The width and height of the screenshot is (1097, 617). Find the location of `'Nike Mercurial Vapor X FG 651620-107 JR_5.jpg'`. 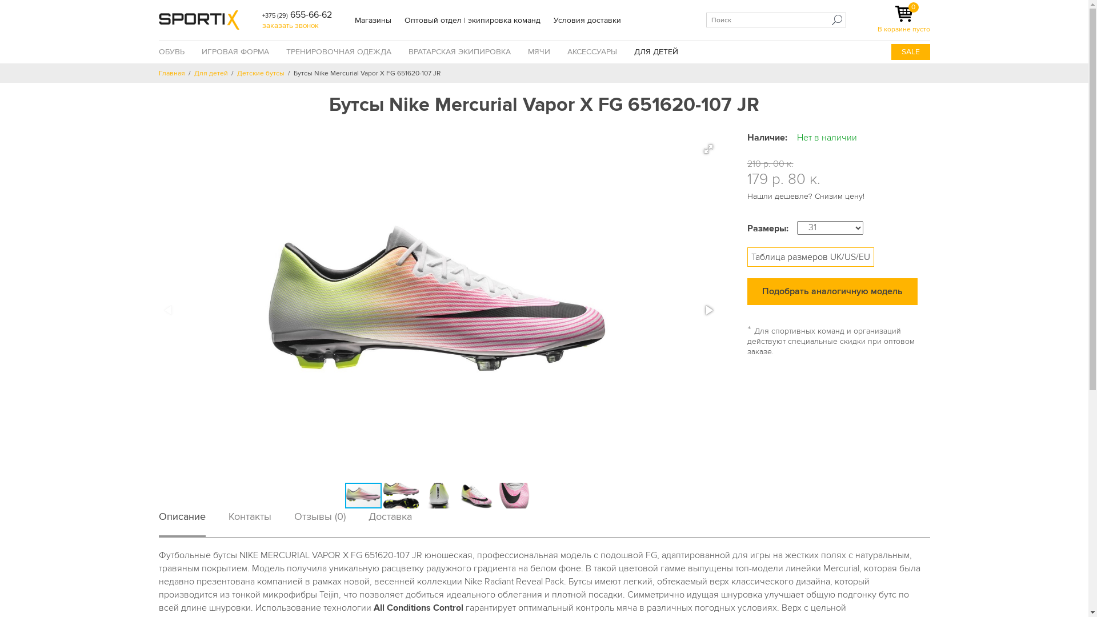

'Nike Mercurial Vapor X FG 651620-107 JR_5.jpg' is located at coordinates (514, 495).